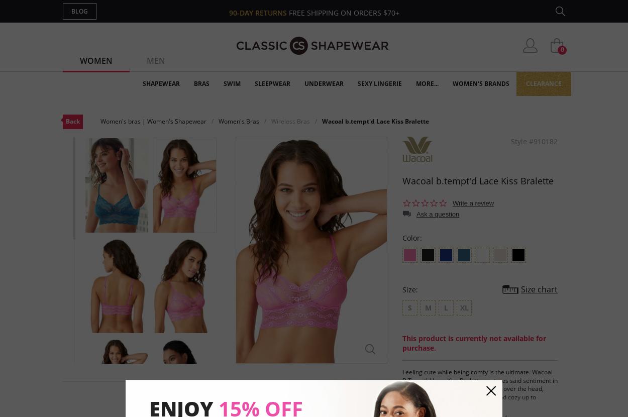  Describe the element at coordinates (272, 83) in the screenshot. I see `'Sleepwear'` at that location.